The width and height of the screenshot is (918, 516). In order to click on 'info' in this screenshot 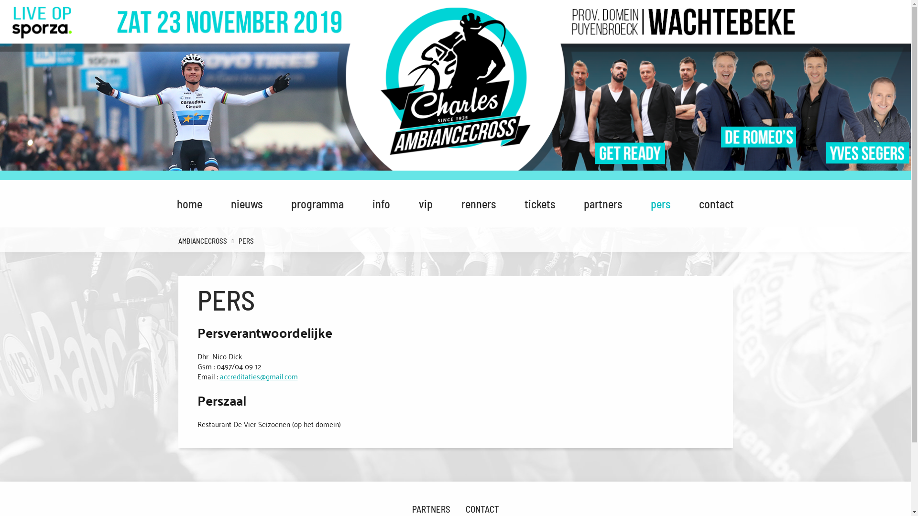, I will do `click(381, 203)`.